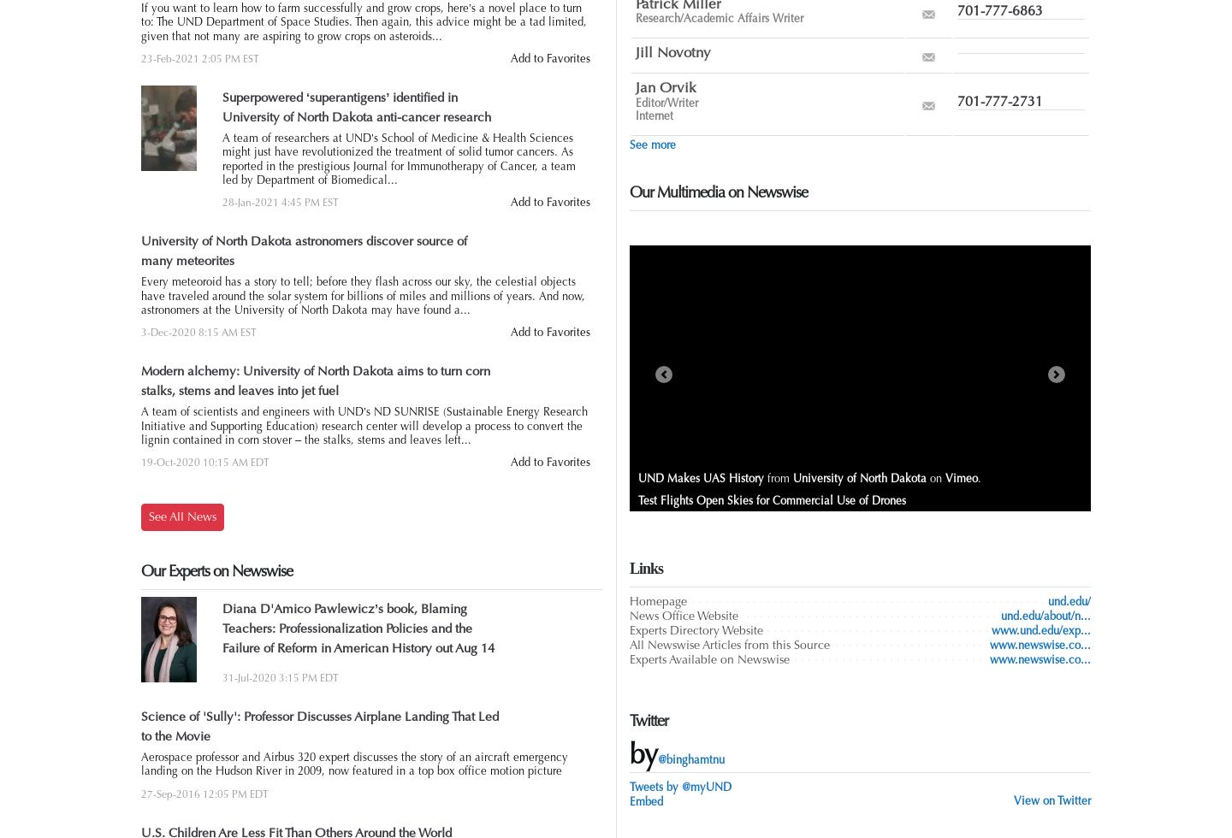 This screenshot has width=1232, height=838. I want to click on 'News Office Website', so click(684, 616).